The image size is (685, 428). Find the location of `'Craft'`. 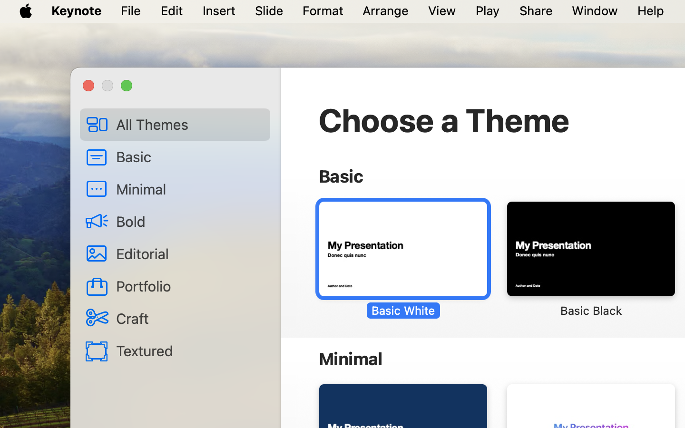

'Craft' is located at coordinates (189, 318).